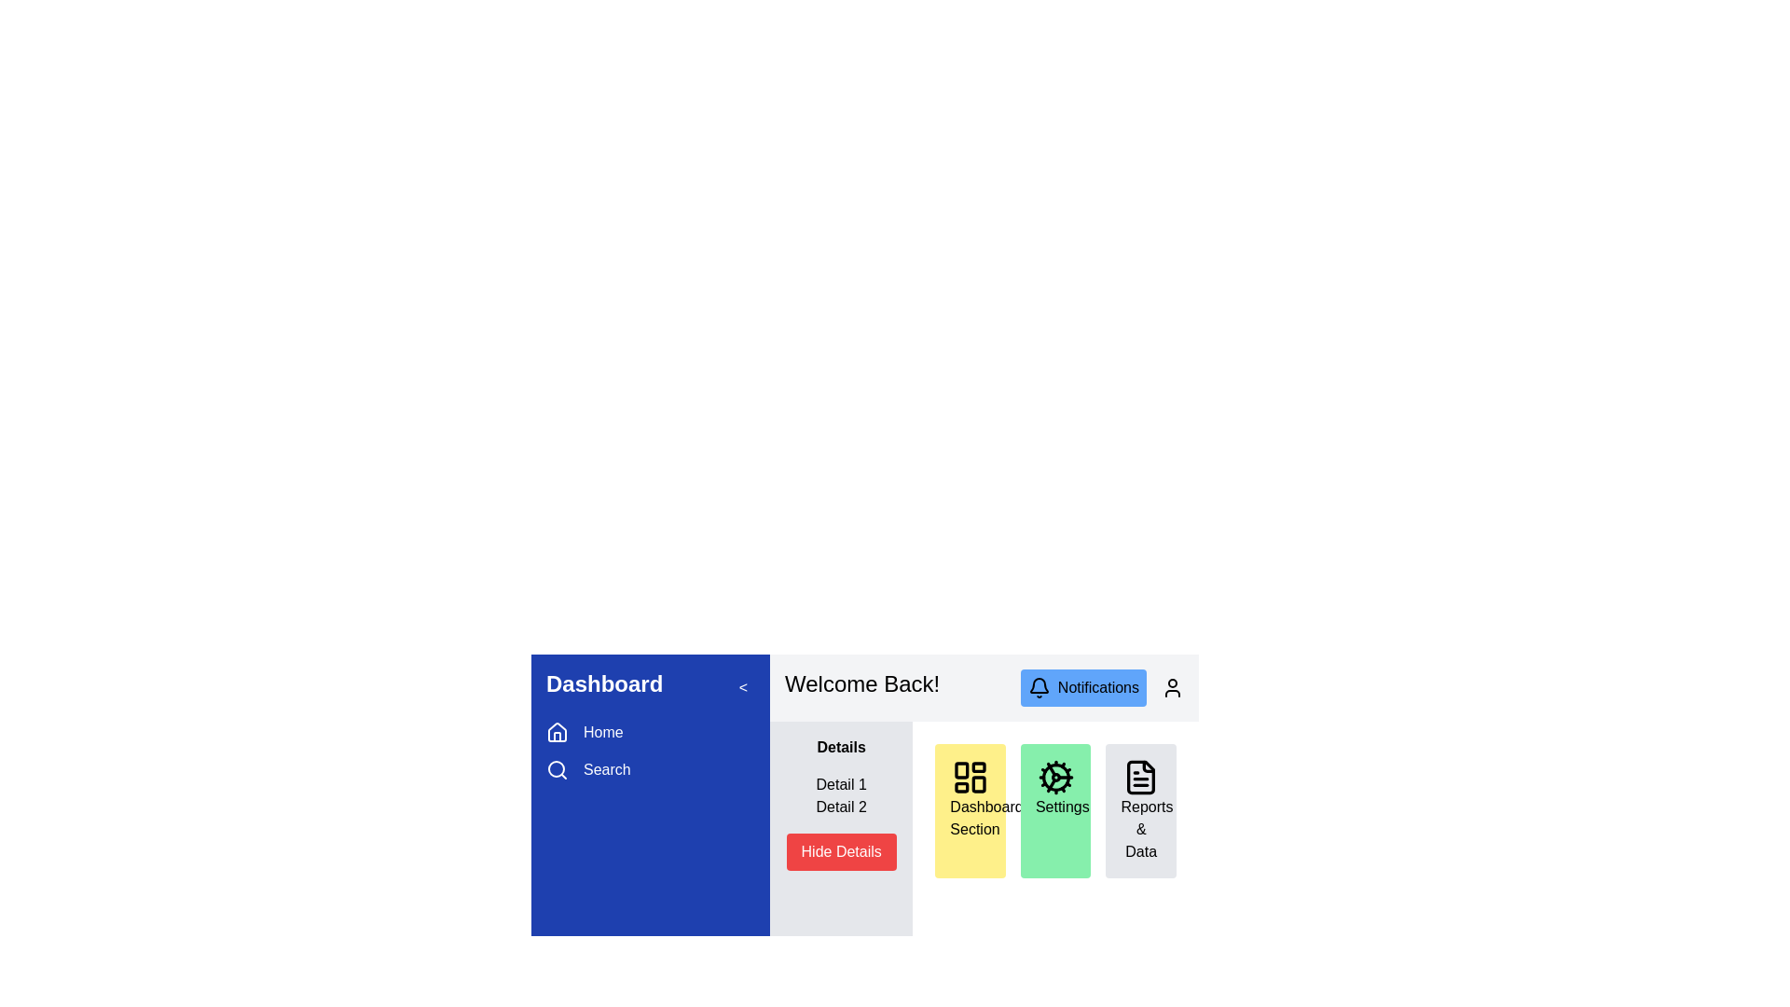 This screenshot has width=1790, height=1007. What do you see at coordinates (607, 769) in the screenshot?
I see `the 'Search' text label in the sidebar, which is displayed in white color on a blue background, to potentially reveal additional options` at bounding box center [607, 769].